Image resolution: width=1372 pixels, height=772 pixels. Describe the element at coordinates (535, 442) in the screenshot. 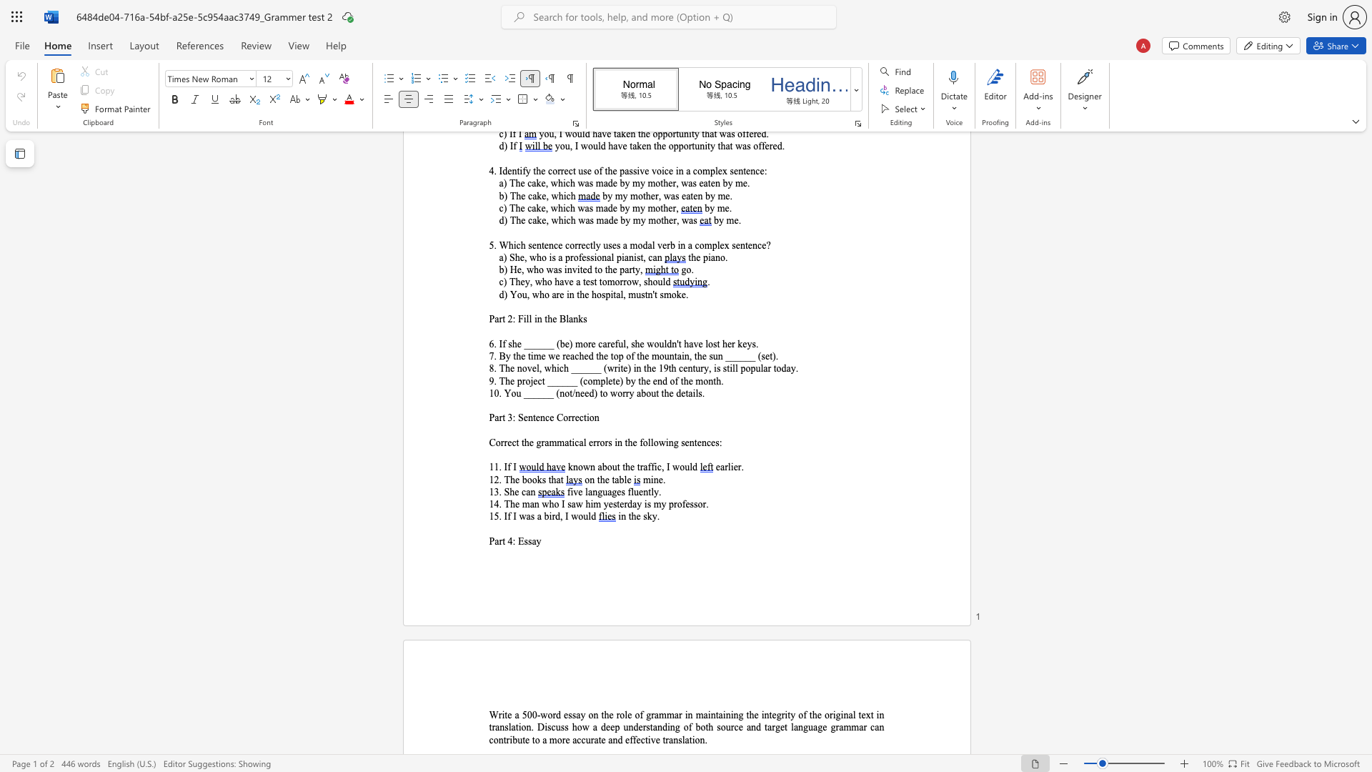

I see `the subset text "grammatical errors" within the text "Correct the grammatical errors in the following sentences:"` at that location.